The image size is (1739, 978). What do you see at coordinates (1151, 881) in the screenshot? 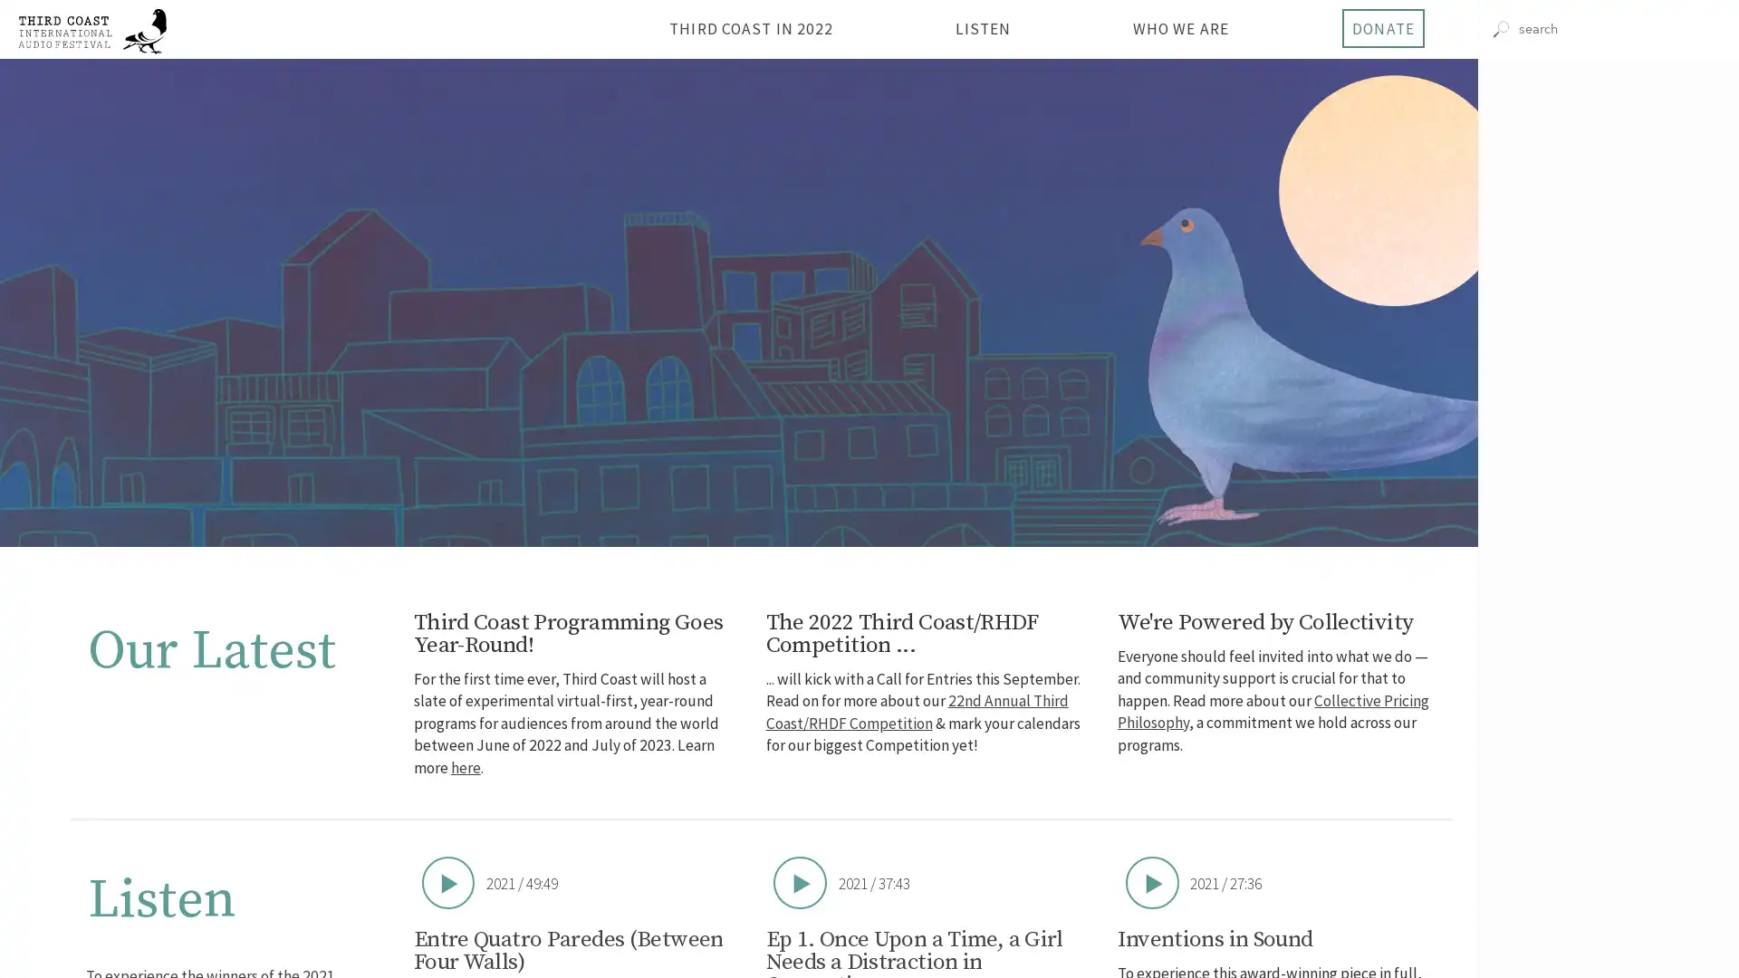
I see `Play Now` at bounding box center [1151, 881].